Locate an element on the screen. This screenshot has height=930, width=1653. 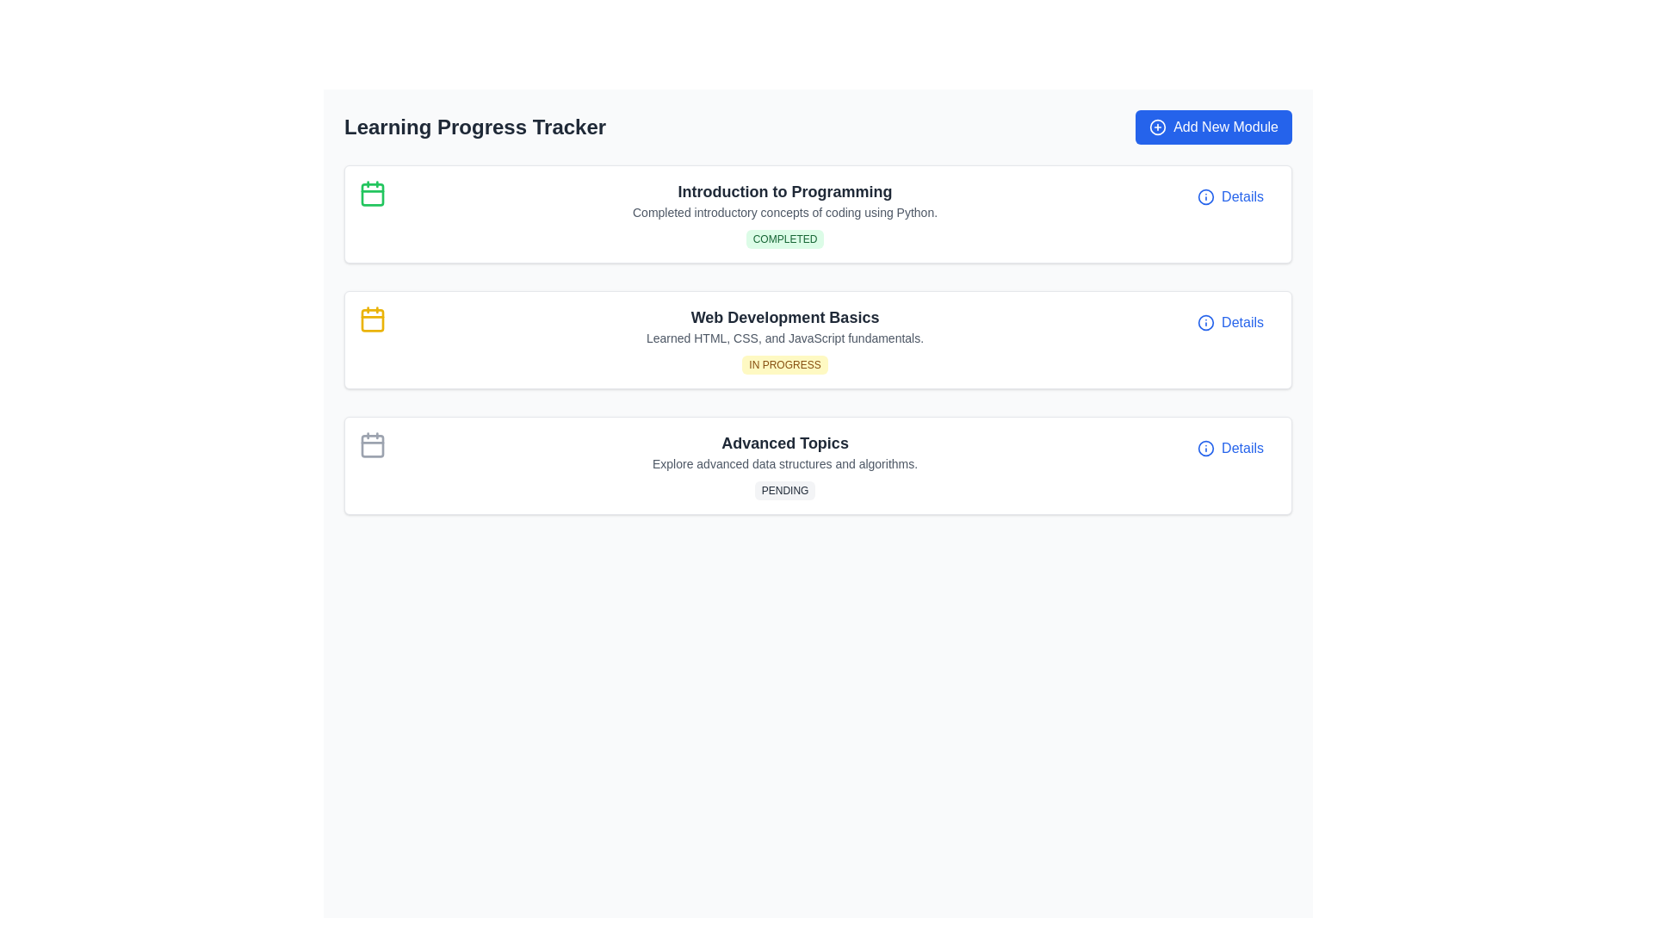
the blue button labeled 'Add New Module' with a plus sign icon is located at coordinates (1213, 126).